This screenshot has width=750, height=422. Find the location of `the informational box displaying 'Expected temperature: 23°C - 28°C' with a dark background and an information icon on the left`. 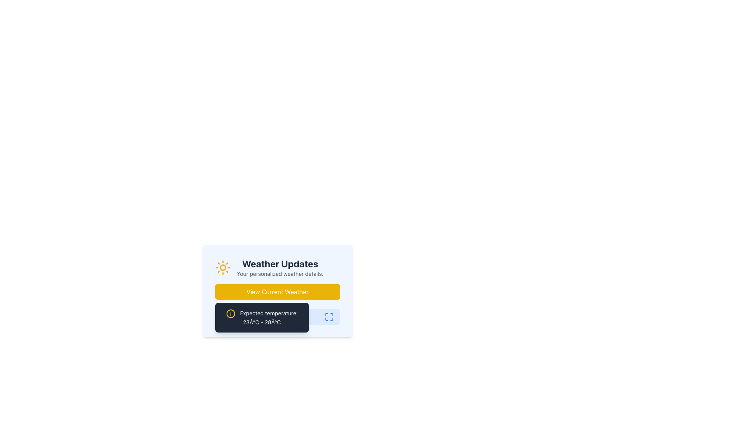

the informational box displaying 'Expected temperature: 23°C - 28°C' with a dark background and an information icon on the left is located at coordinates (277, 325).